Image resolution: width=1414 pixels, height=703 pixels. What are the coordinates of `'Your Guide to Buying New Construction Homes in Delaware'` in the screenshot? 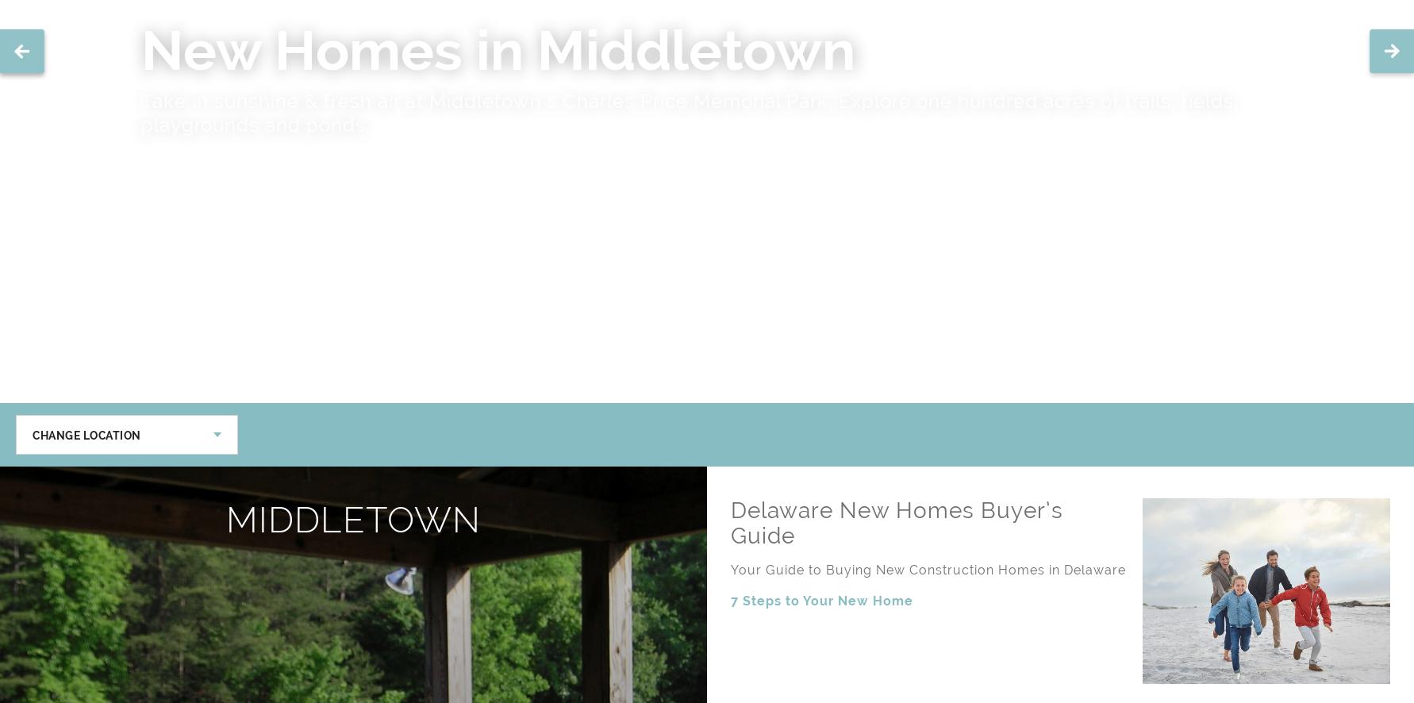 It's located at (928, 570).